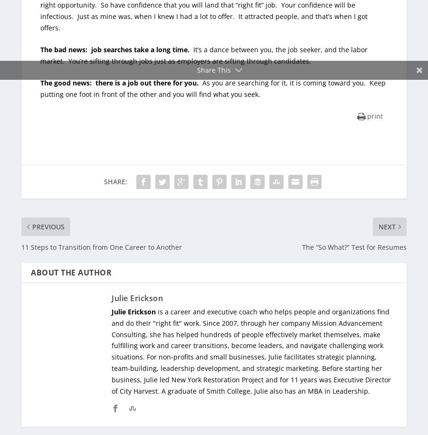  What do you see at coordinates (251, 351) in the screenshot?
I see `'is a career and executive coach who helps people and organizations find and do their "right fit" work. Since 2007, through her company Mission Advancement Consulting, she has helped hundreds of people effectively market themselves, make fulfilling work and career transitions, become leaders, and navigate challenging work situations. For non-profits and small businesses, Julie facilitates strategic planning, team-building, leadership development, and strategic marketing. Before starting her business, Julie led New York Restoration Project and for 11 years was Executive Director of City Harvest. A graduate of Smith College, Julie also has an MBA in Leadership.'` at bounding box center [251, 351].